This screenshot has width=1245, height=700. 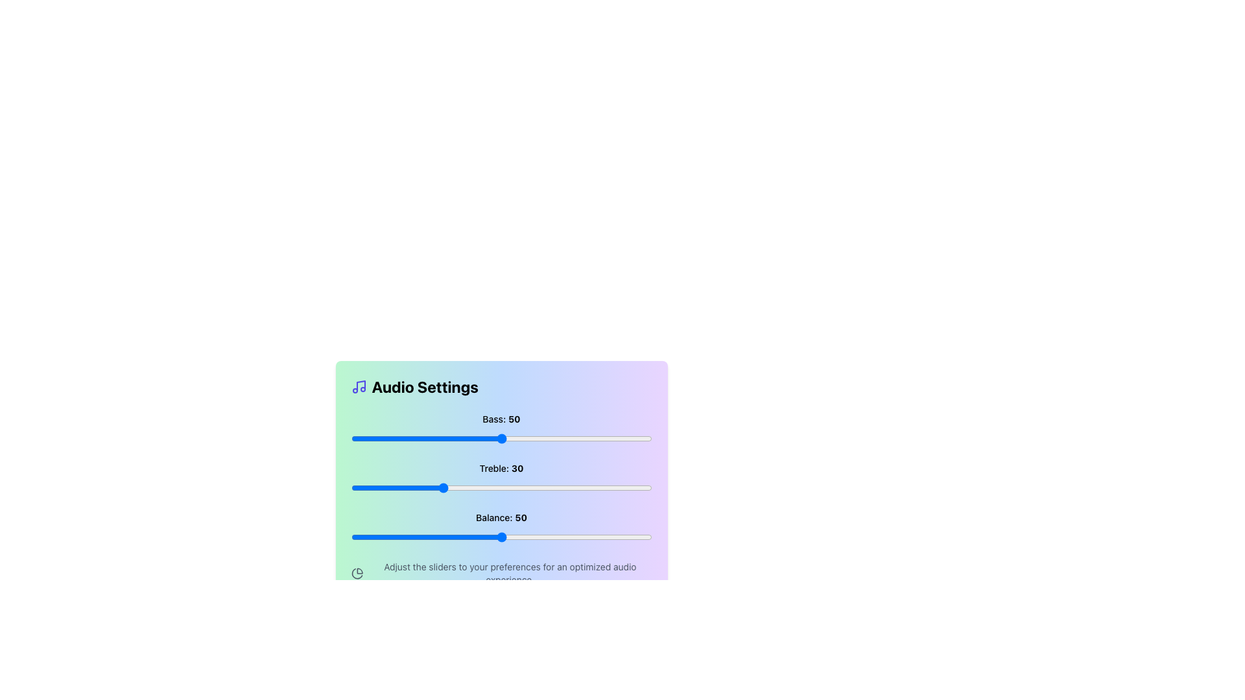 What do you see at coordinates (501, 537) in the screenshot?
I see `the Range Slider for 'Balance' value adjustment, currently set to 50, located in the bottom region of the box labeled 'Balance: 50'` at bounding box center [501, 537].